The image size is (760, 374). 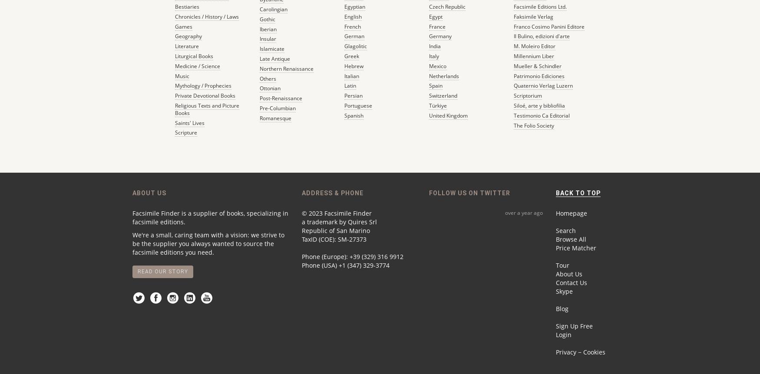 What do you see at coordinates (541, 36) in the screenshot?
I see `'Il Bulino, edizioni d'arte'` at bounding box center [541, 36].